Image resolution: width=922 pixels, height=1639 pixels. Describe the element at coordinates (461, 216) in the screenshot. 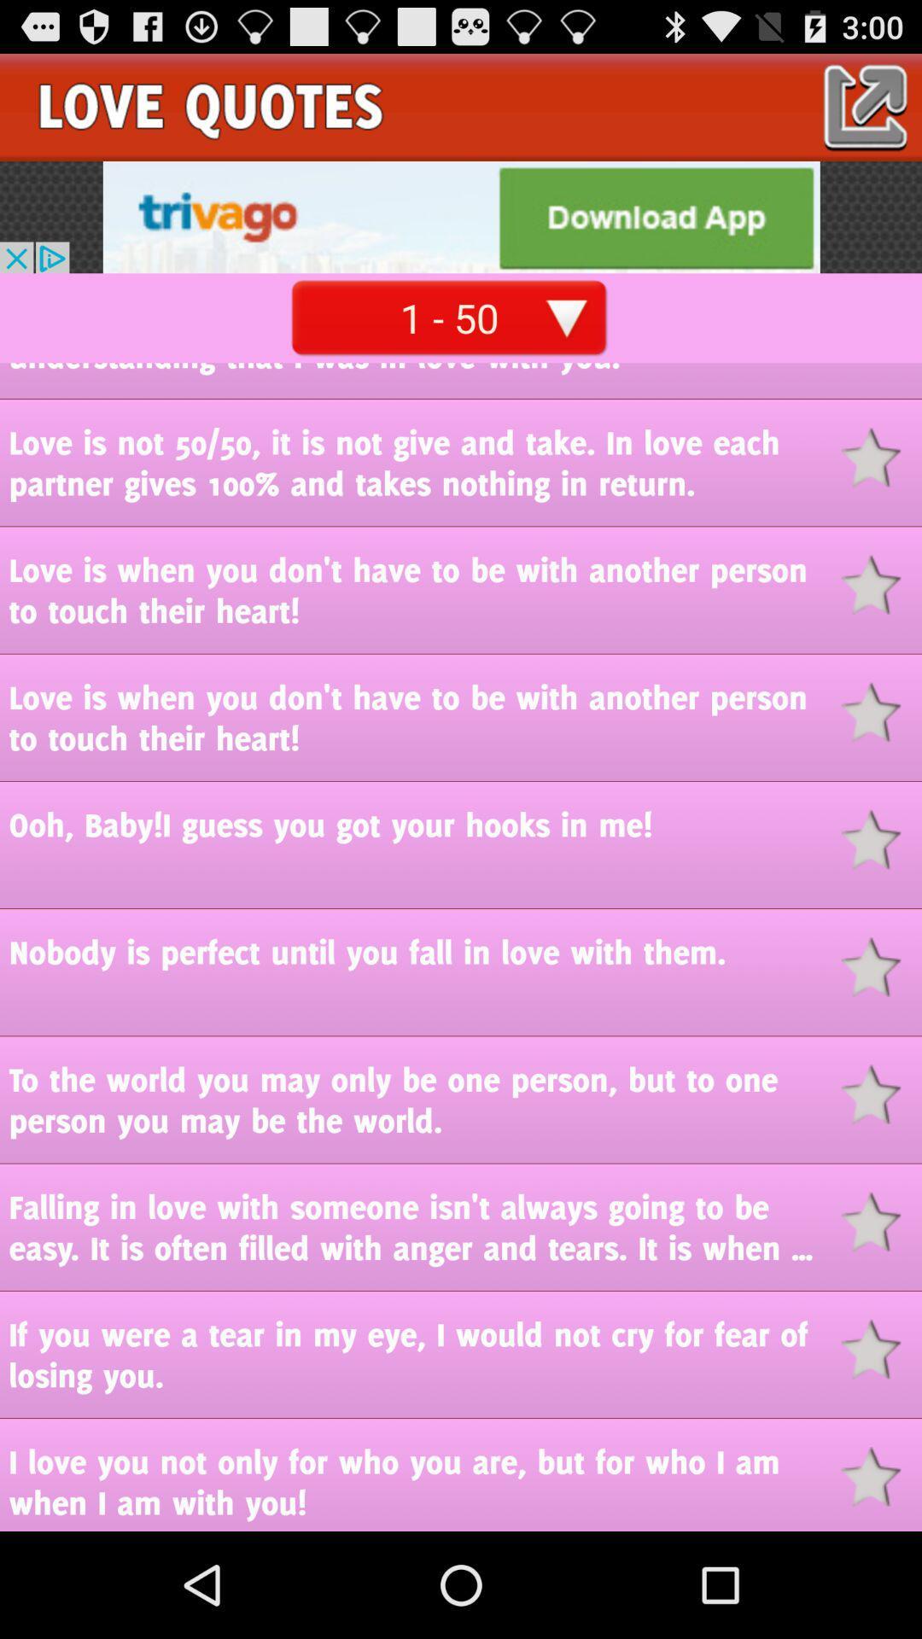

I see `open an advertisements` at that location.